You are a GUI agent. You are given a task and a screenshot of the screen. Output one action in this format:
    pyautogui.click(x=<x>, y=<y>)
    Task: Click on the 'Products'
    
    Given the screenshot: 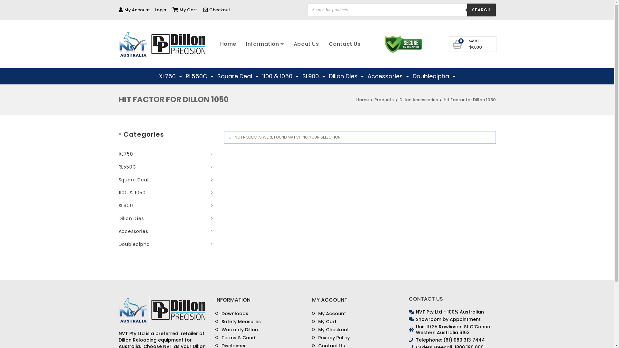 What is the action you would take?
    pyautogui.click(x=384, y=100)
    